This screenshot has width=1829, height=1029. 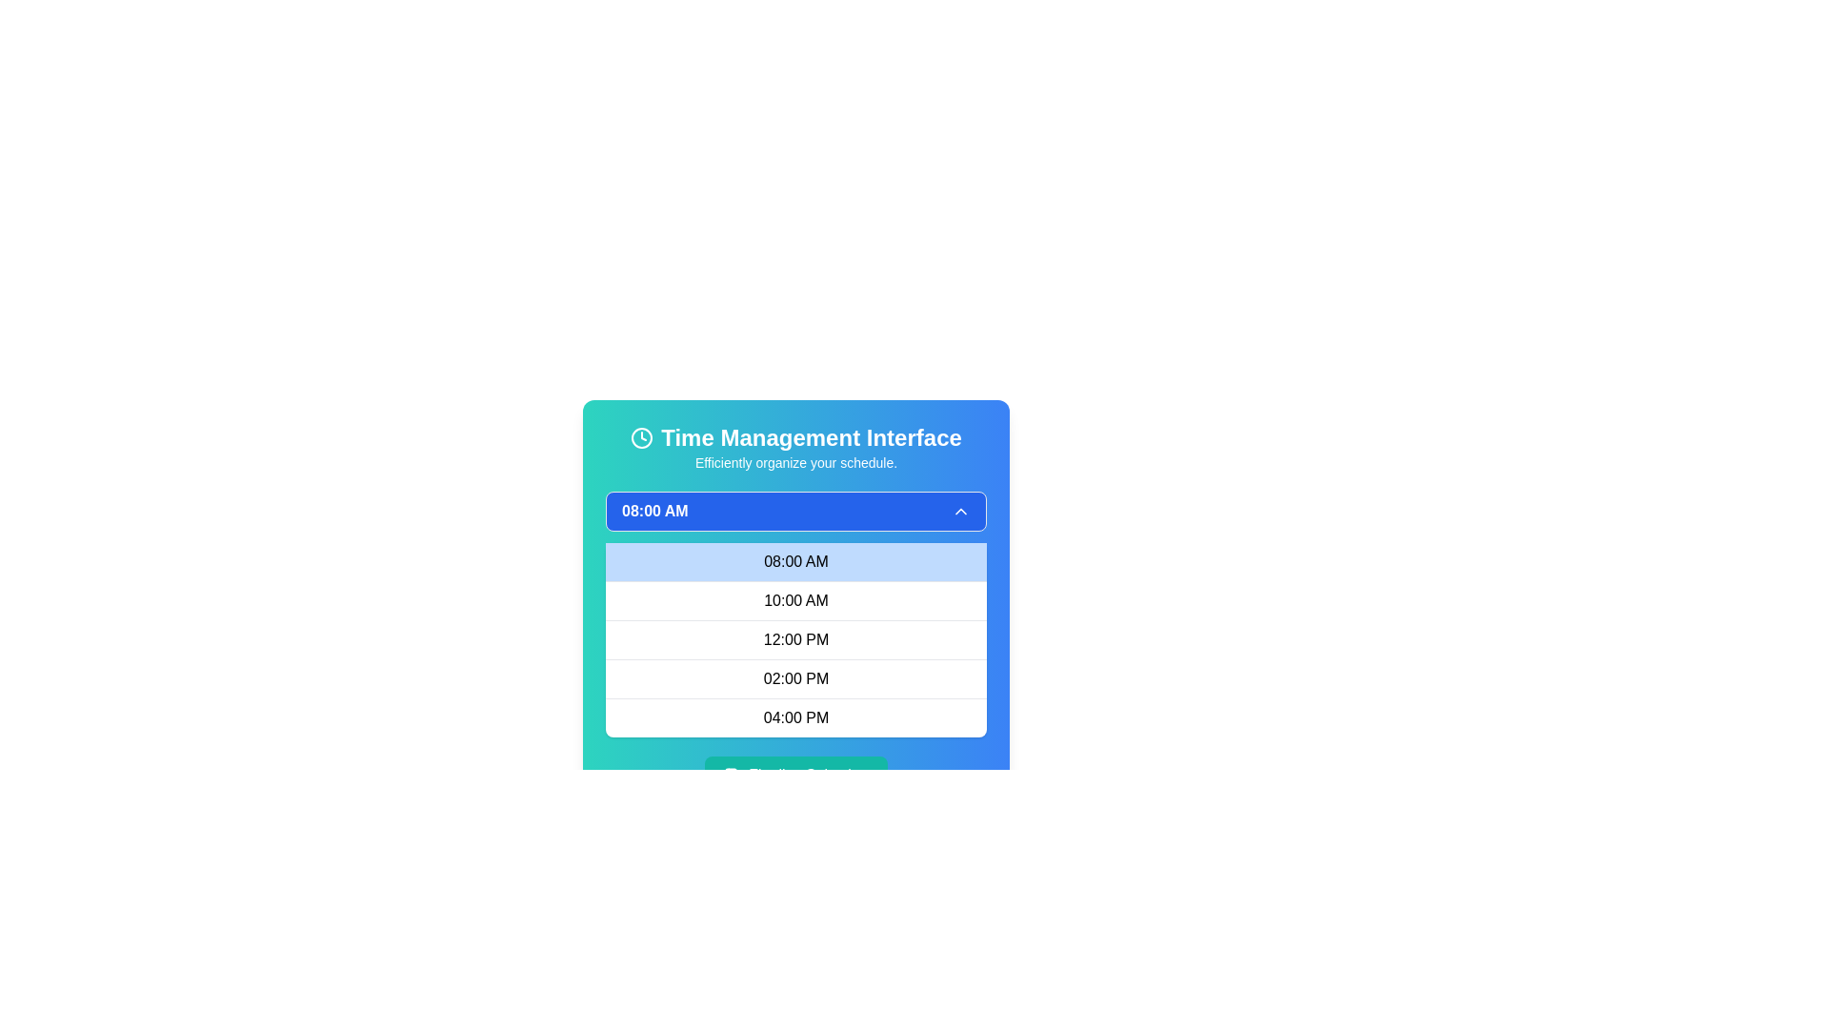 What do you see at coordinates (795, 463) in the screenshot?
I see `informational text label located below the 'Time Management Interface' text and above the '08:00 AM' dropdown box, centered in the header area` at bounding box center [795, 463].